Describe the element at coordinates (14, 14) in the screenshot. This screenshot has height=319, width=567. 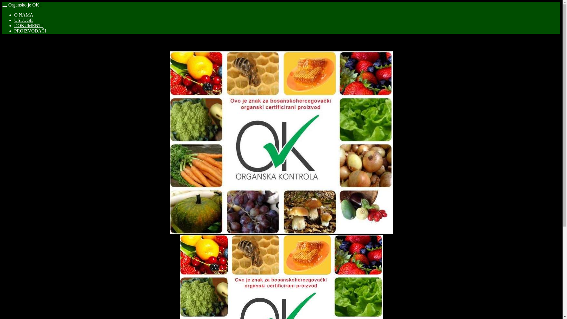
I see `'O NAMA'` at that location.